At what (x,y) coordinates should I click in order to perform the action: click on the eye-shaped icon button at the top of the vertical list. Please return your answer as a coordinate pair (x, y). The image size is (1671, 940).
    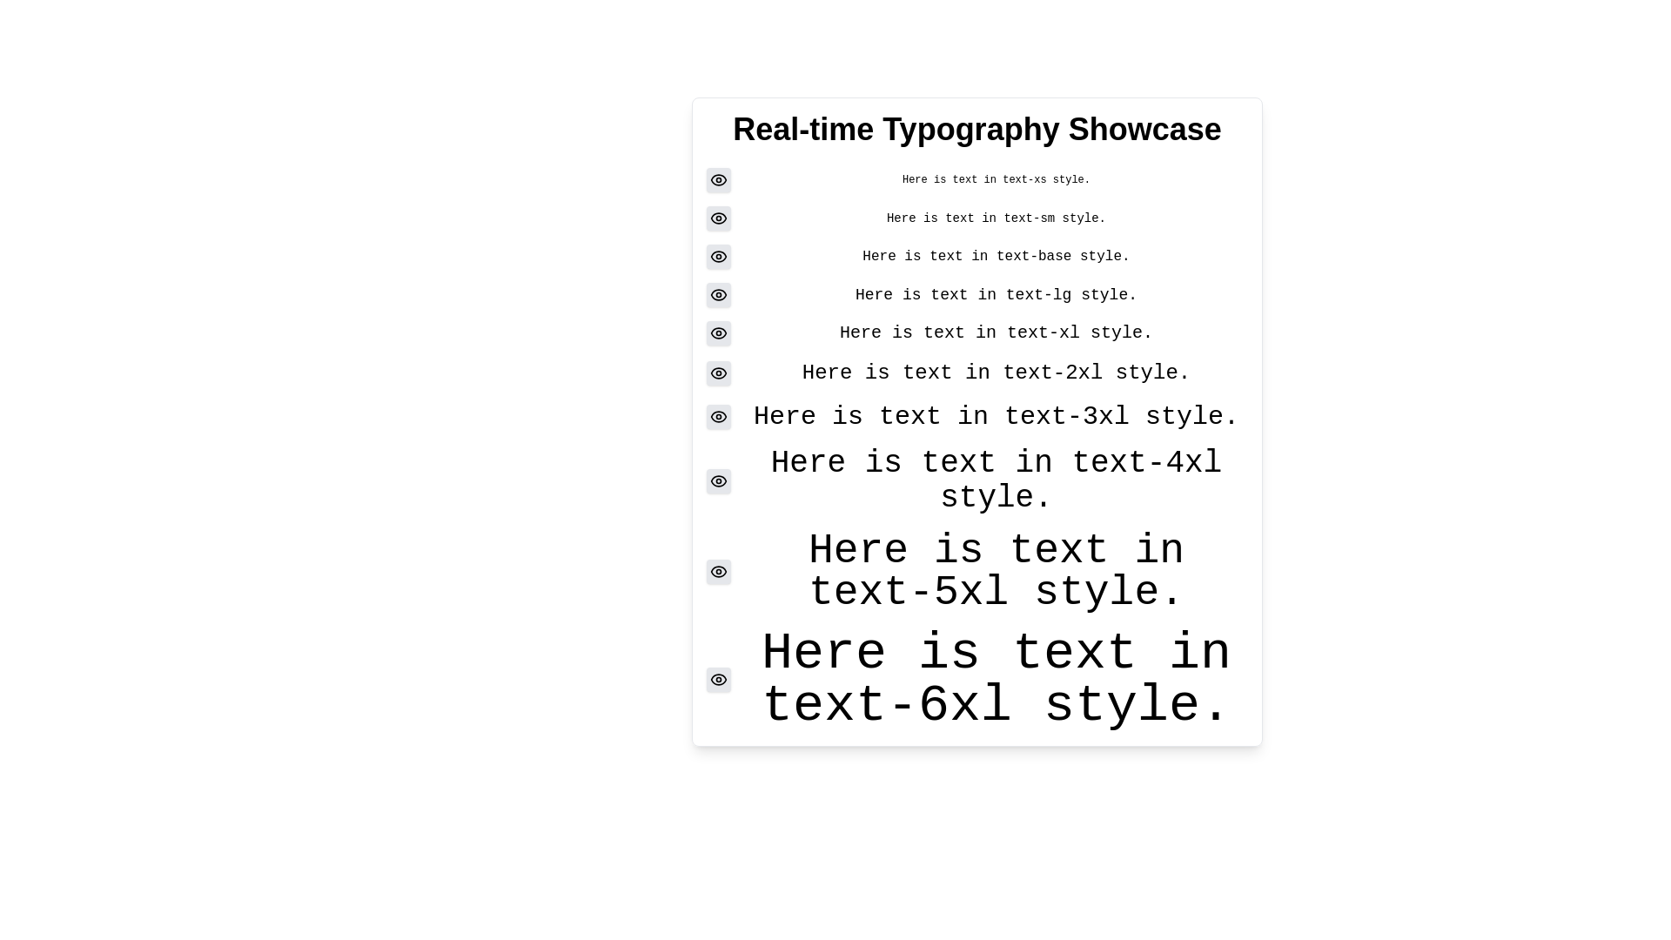
    Looking at the image, I should click on (718, 180).